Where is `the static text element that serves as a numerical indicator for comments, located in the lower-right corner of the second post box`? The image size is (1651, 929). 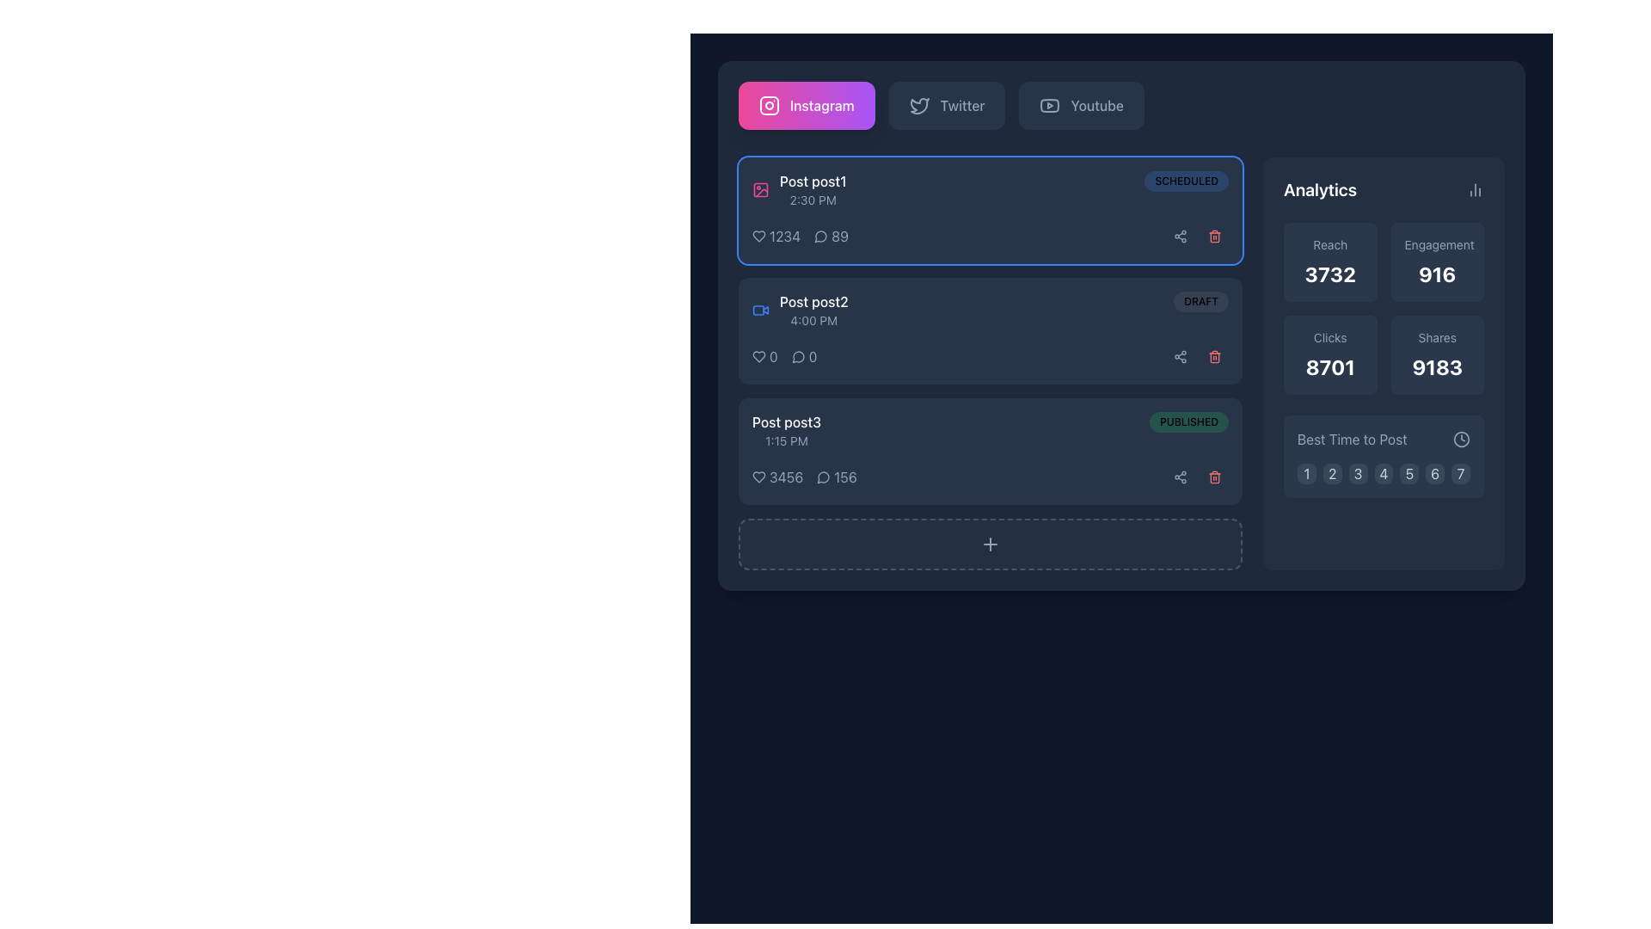 the static text element that serves as a numerical indicator for comments, located in the lower-right corner of the second post box is located at coordinates (812, 356).